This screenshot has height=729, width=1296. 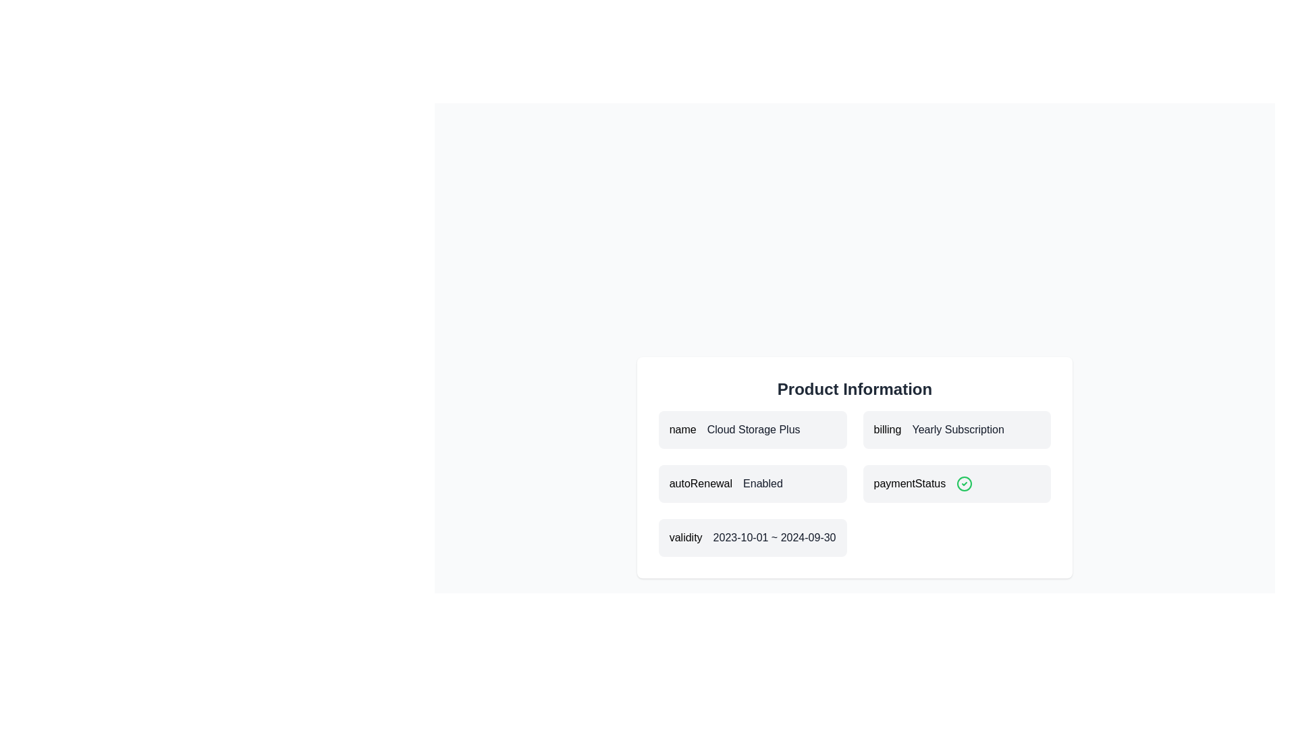 I want to click on the Text Display Group labeled 'Cloud Storage Plus' which is located in the top-left section of the grid layout under 'Product Information', so click(x=752, y=429).